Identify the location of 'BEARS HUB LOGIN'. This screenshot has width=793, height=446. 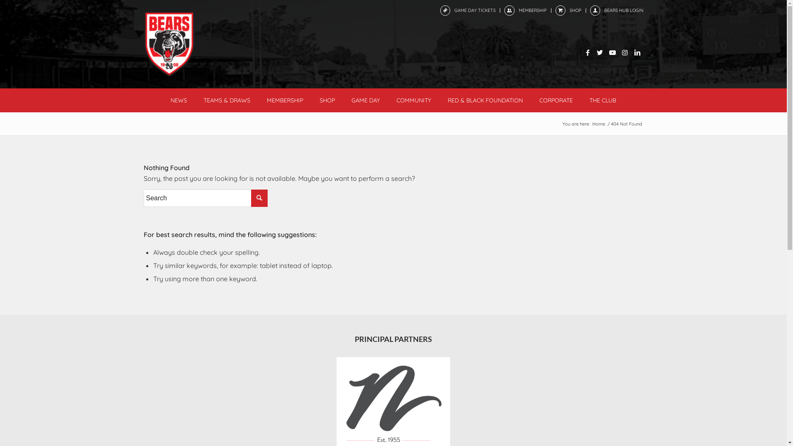
(623, 10).